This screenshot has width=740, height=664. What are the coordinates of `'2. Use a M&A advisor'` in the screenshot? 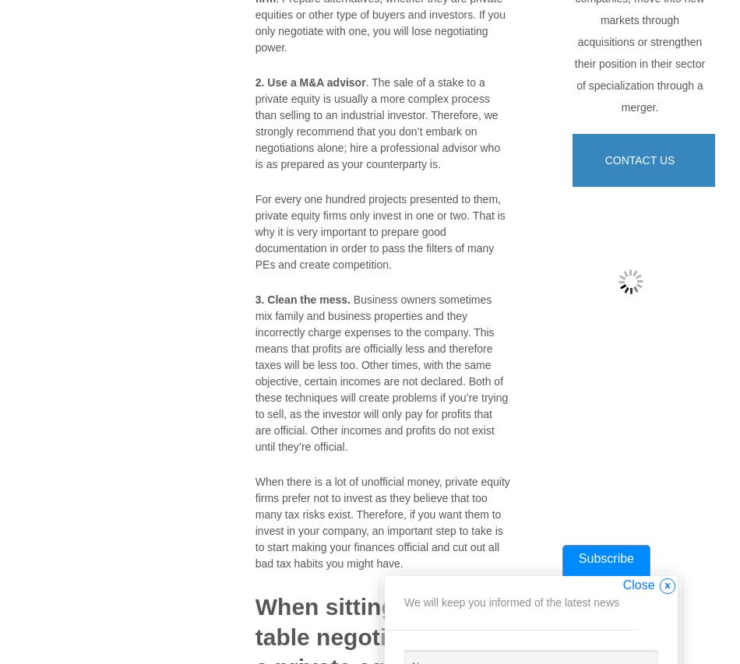 It's located at (308, 82).